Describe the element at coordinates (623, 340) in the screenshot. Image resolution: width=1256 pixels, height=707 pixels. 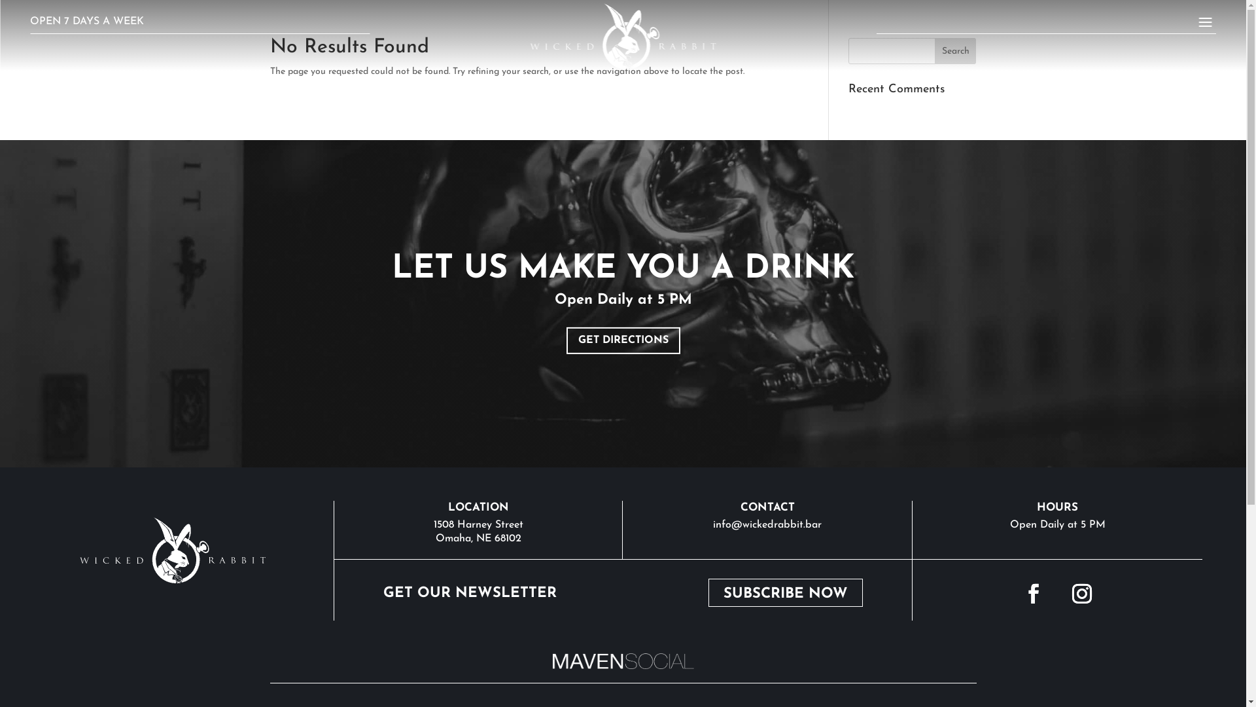
I see `'GET DIRECTIONS'` at that location.